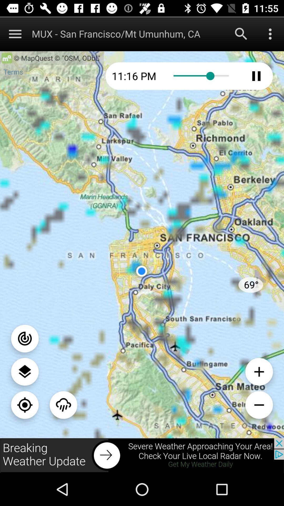 This screenshot has height=506, width=284. I want to click on increment button, so click(259, 371).